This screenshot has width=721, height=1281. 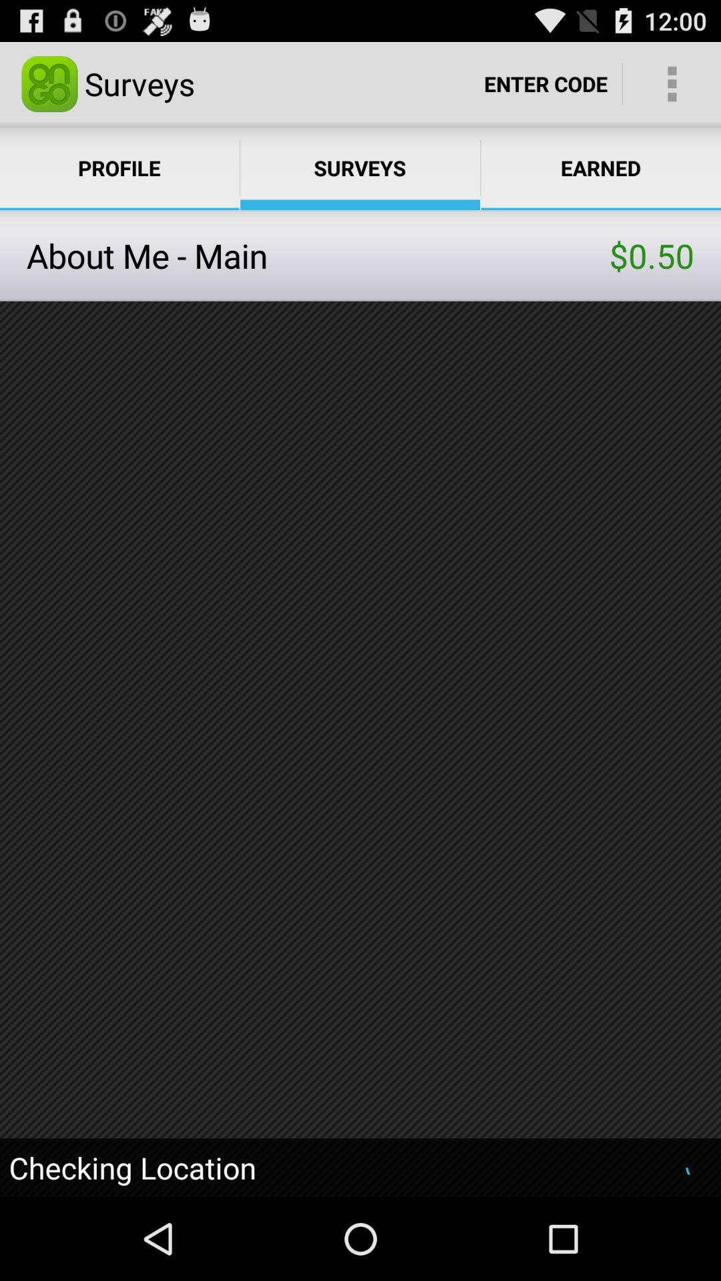 What do you see at coordinates (672, 83) in the screenshot?
I see `the icon next to enter code item` at bounding box center [672, 83].